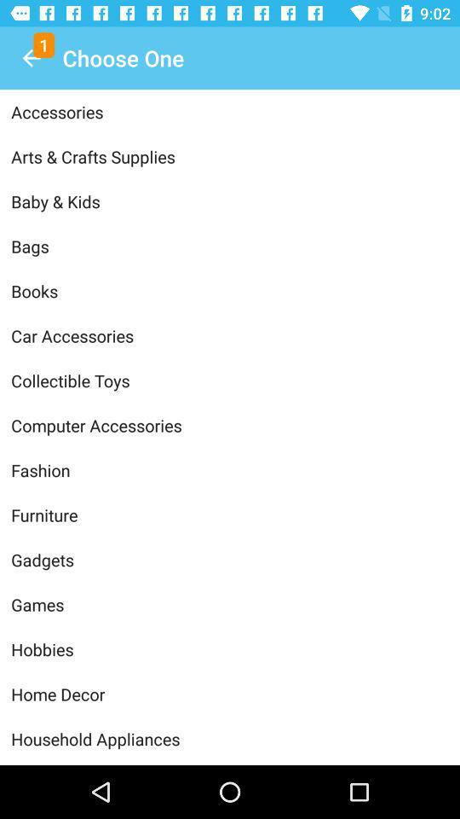  I want to click on item below the arts & crafts supplies, so click(230, 201).